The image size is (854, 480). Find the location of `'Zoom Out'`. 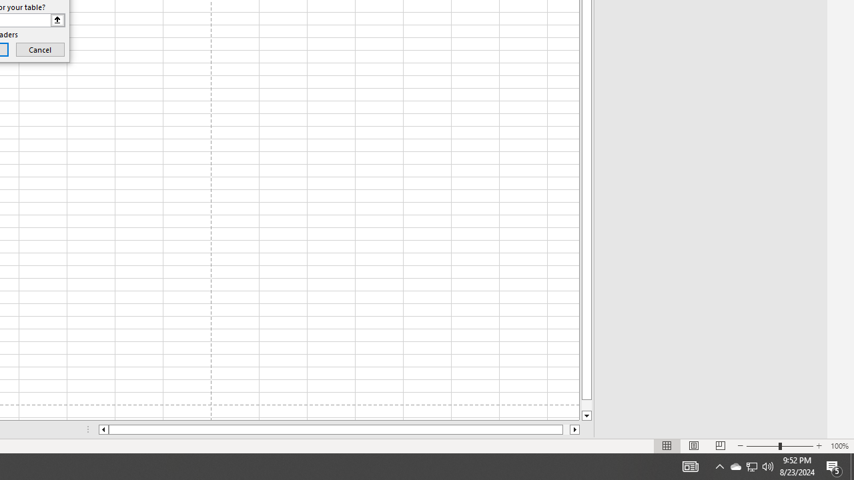

'Zoom Out' is located at coordinates (763, 446).